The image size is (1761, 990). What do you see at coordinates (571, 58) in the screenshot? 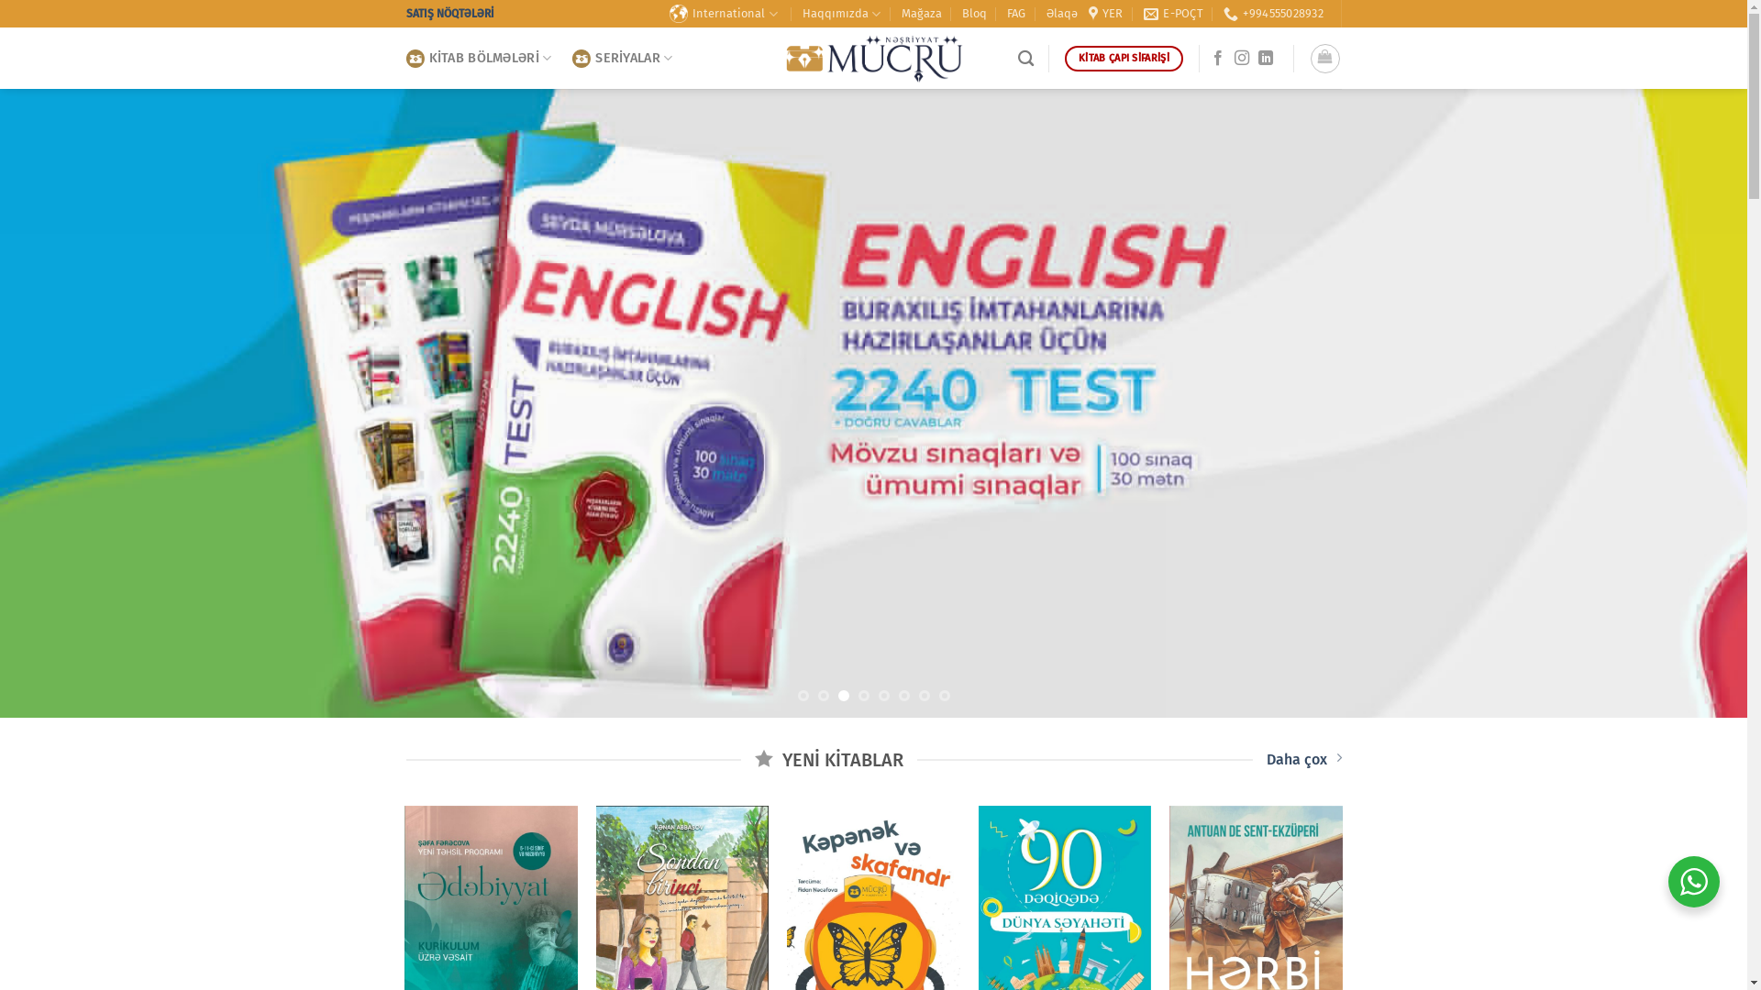
I see `'SERIYALAR'` at bounding box center [571, 58].